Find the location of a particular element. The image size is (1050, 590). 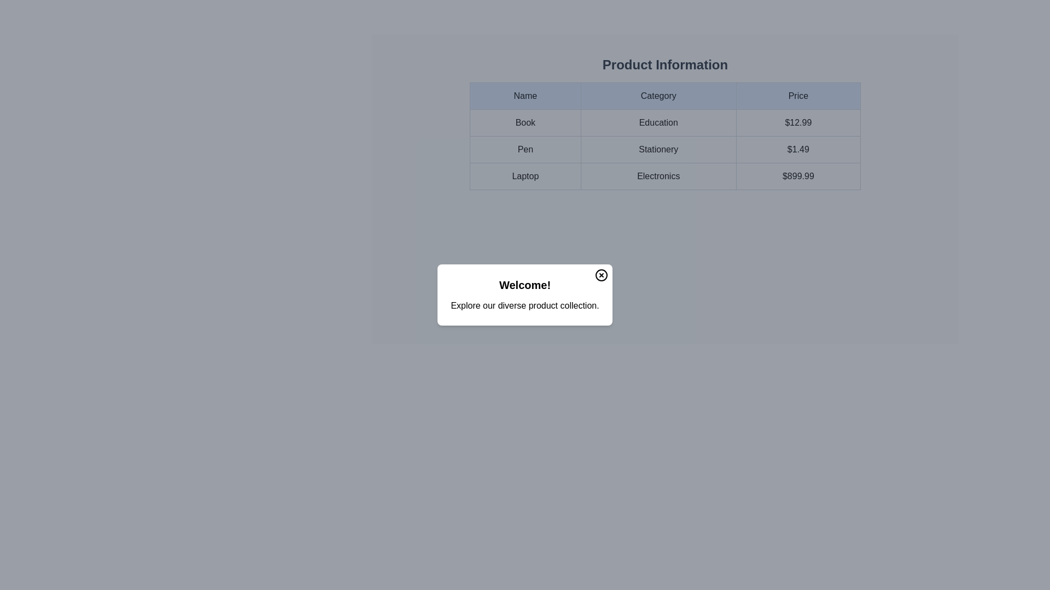

text in the header row of the 'Product Information' table, which includes the columns 'Name', 'Category', and 'Price' is located at coordinates (664, 96).